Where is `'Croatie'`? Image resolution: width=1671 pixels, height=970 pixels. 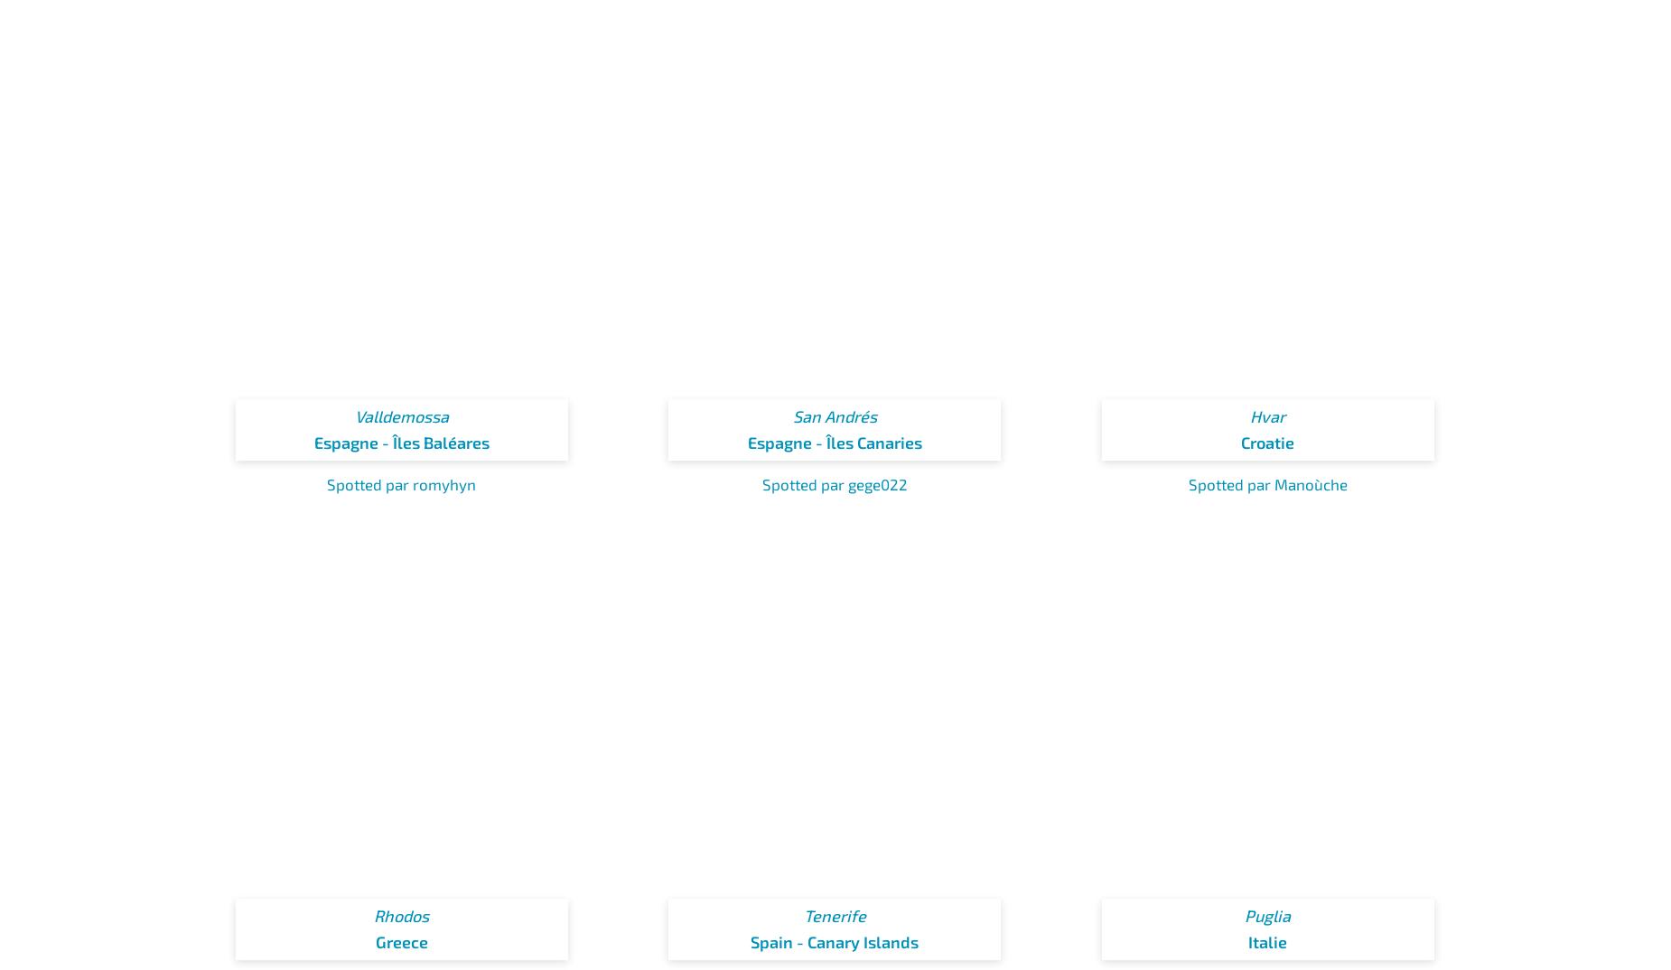 'Croatie' is located at coordinates (1267, 442).